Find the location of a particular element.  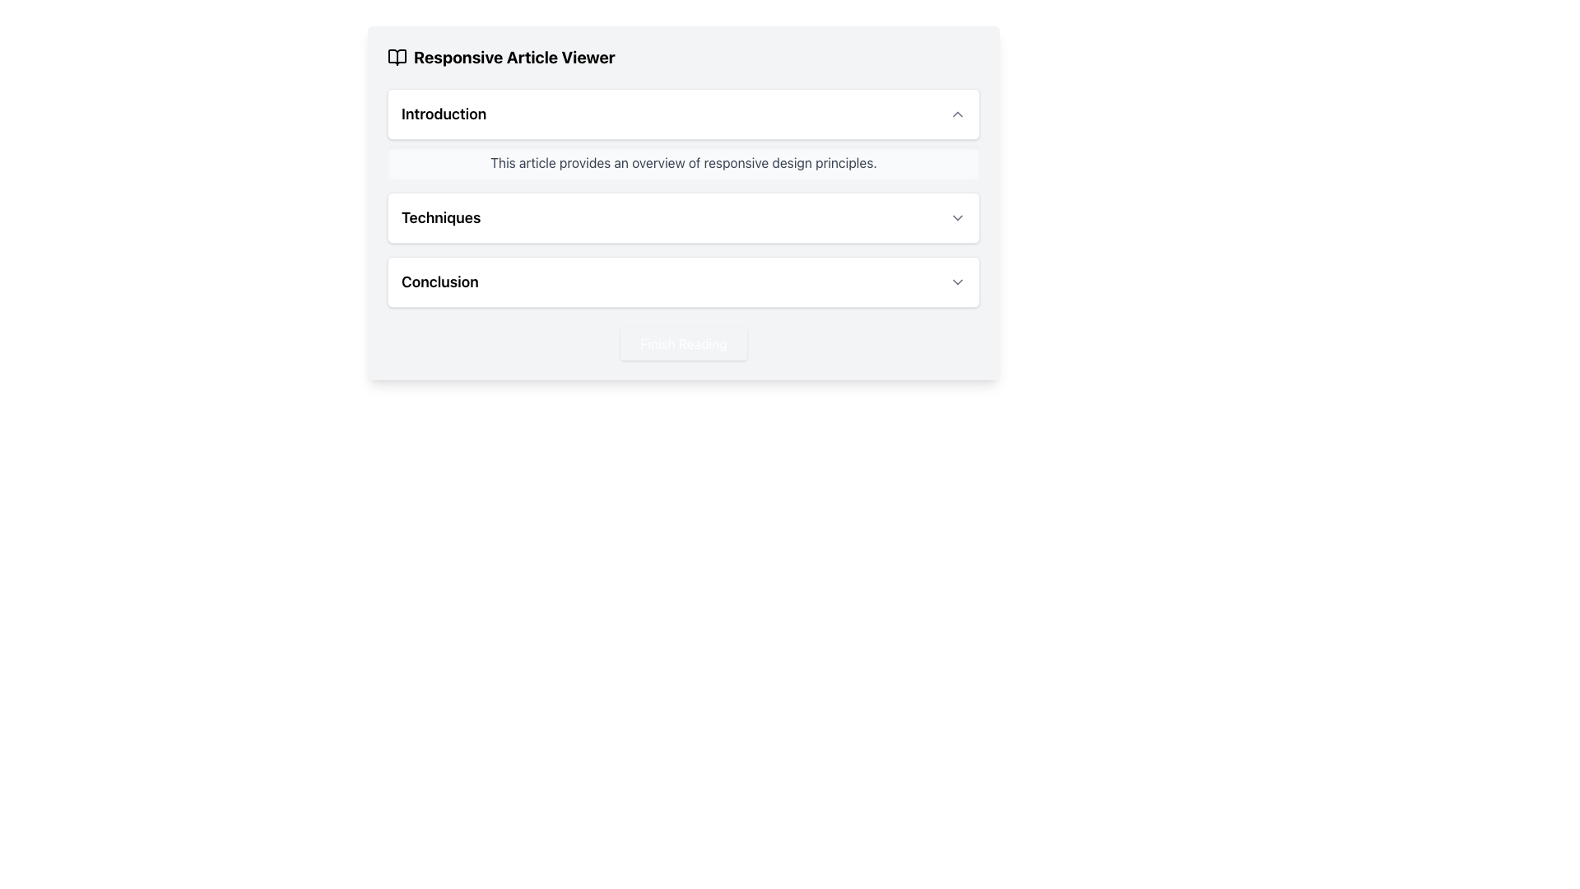

the downward chevron icon located at the far right edge of the 'Techniques' section header is located at coordinates (957, 217).